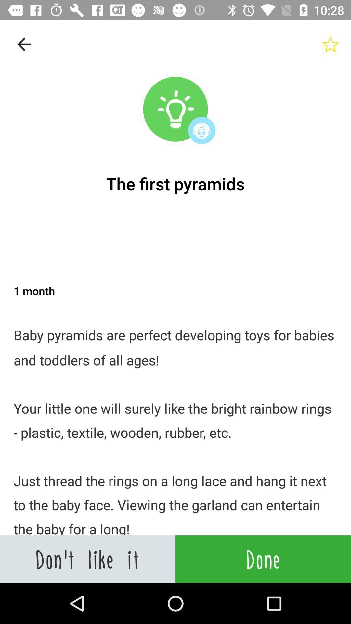  I want to click on the icon above the the first pyramids icon, so click(331, 44).